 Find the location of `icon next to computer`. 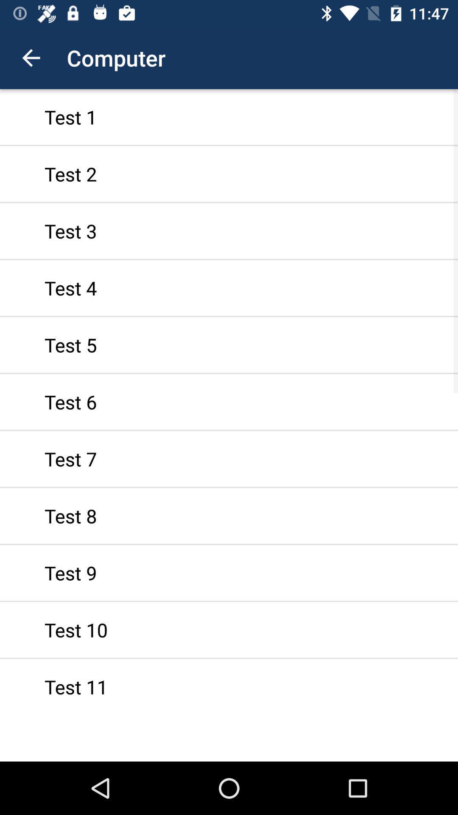

icon next to computer is located at coordinates (31, 57).